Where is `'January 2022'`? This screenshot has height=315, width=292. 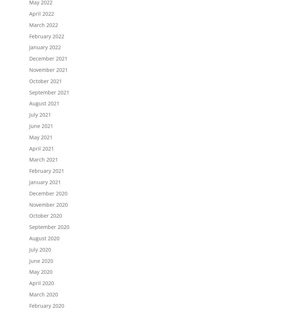 'January 2022' is located at coordinates (45, 47).